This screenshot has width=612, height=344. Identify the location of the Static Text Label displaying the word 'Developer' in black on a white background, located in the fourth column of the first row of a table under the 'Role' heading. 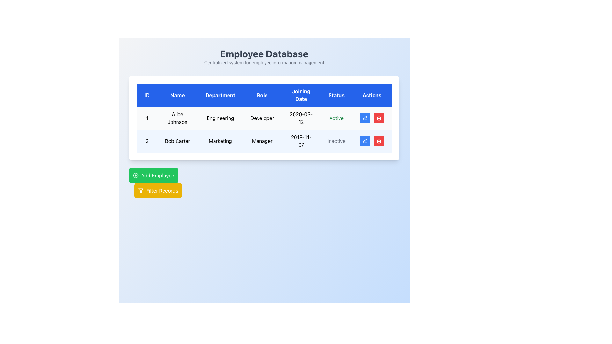
(262, 118).